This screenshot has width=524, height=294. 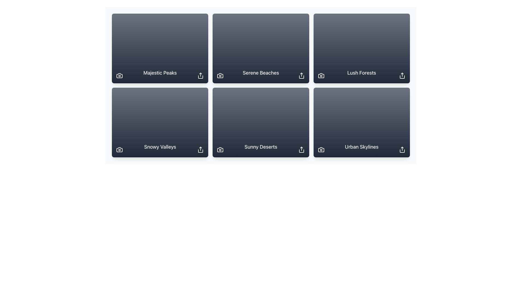 What do you see at coordinates (260, 72) in the screenshot?
I see `the informational Text Label positioned in the upper row of the grid layout, centered in the second column, which provides a title for the associated visual content` at bounding box center [260, 72].